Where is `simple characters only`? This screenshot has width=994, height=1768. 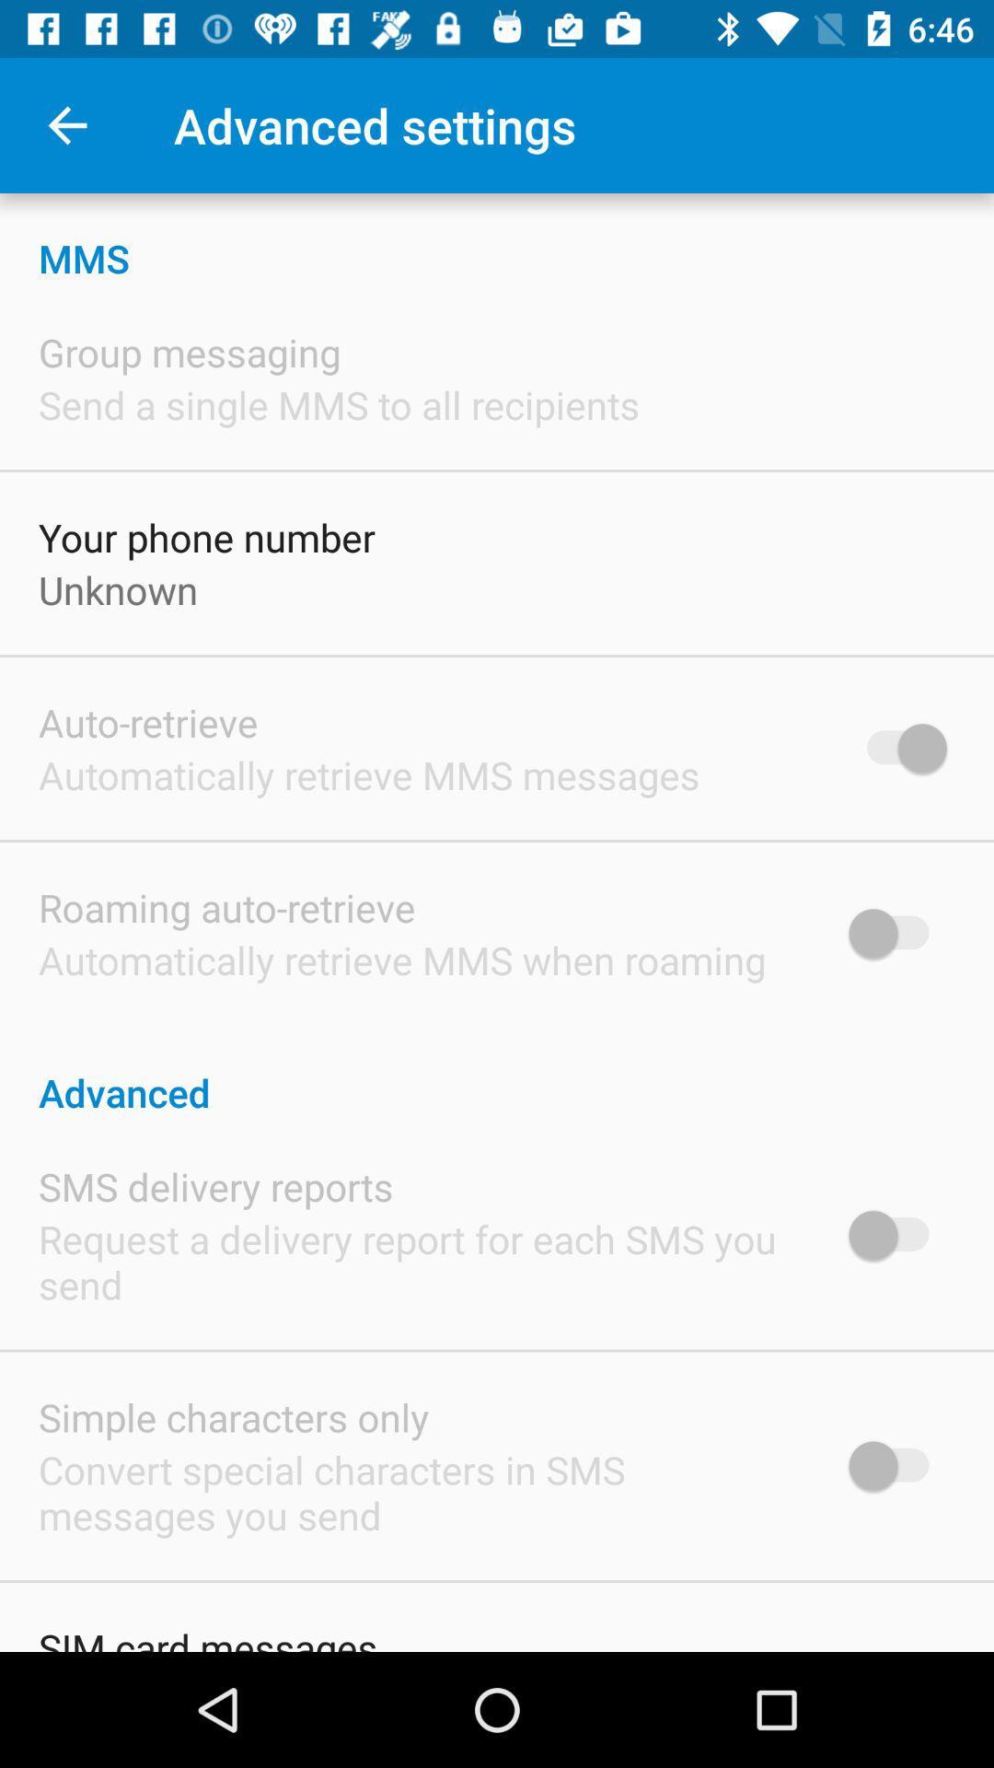 simple characters only is located at coordinates (233, 1416).